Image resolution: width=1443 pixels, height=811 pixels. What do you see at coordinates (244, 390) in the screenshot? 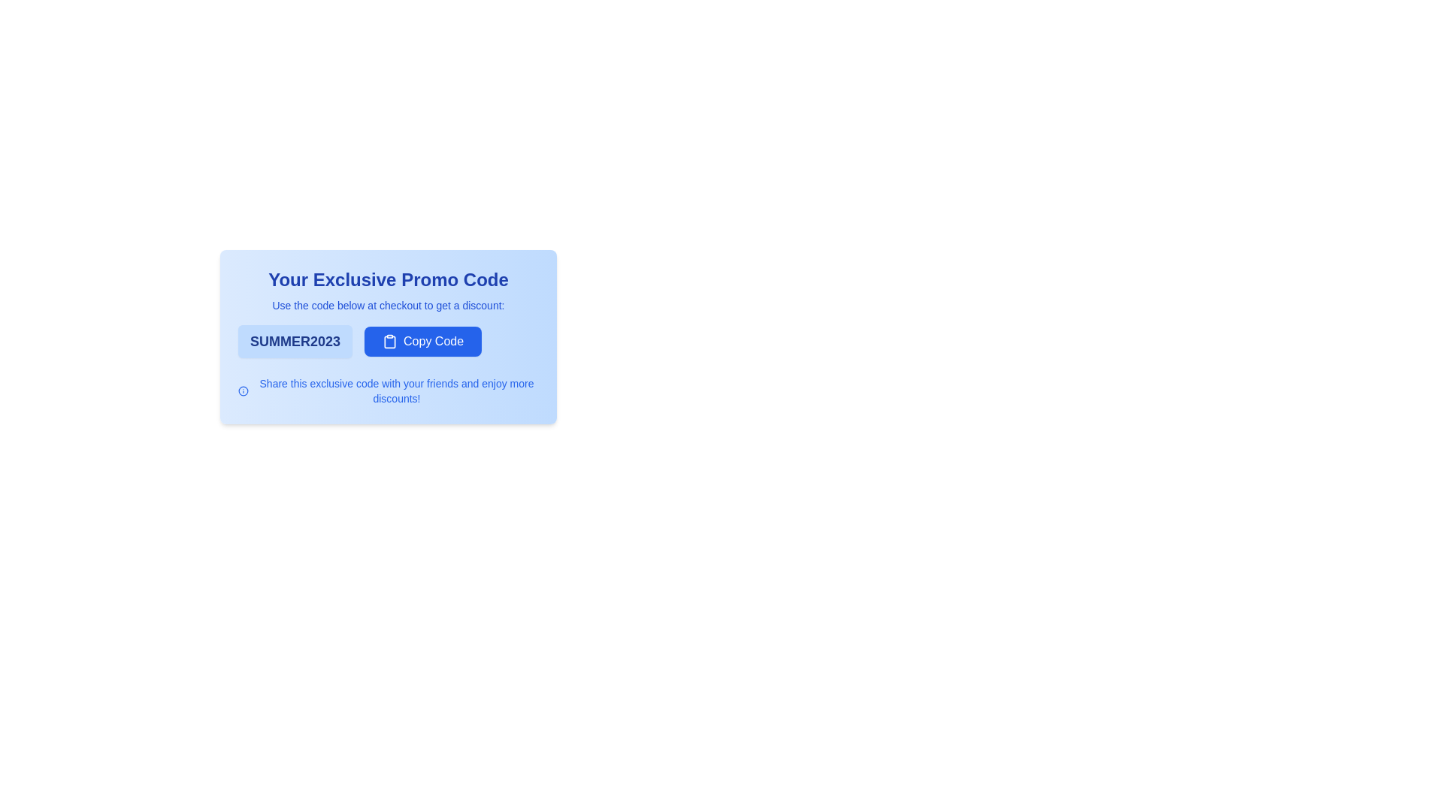
I see `the blue circular outline located within the information icon in the promotional message box` at bounding box center [244, 390].